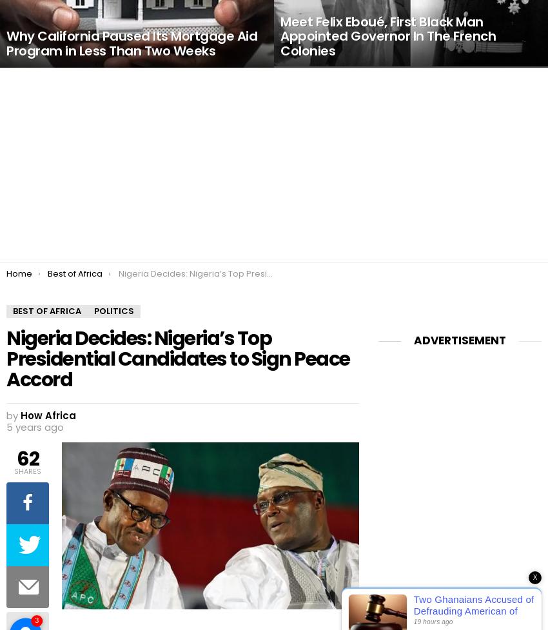 Image resolution: width=548 pixels, height=630 pixels. What do you see at coordinates (6, 415) in the screenshot?
I see `'by'` at bounding box center [6, 415].